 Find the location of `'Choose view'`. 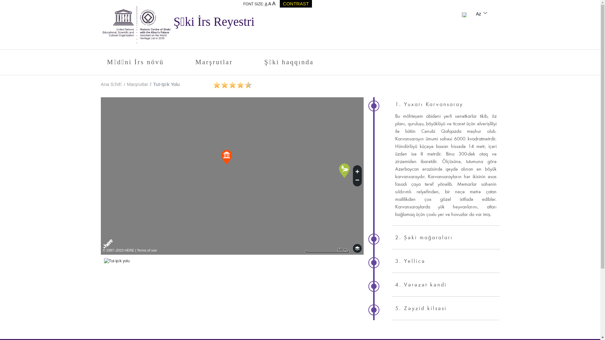

'Choose view' is located at coordinates (357, 248).